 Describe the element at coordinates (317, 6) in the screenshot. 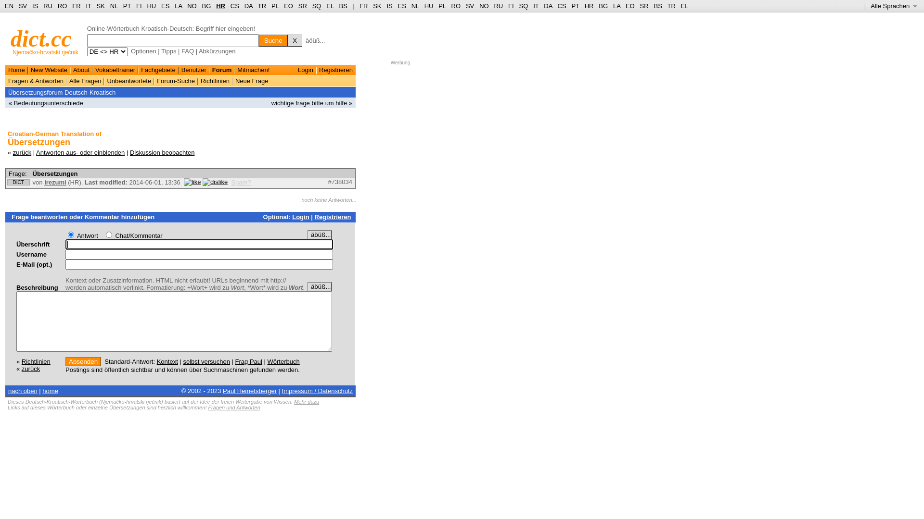

I see `'SQ'` at that location.